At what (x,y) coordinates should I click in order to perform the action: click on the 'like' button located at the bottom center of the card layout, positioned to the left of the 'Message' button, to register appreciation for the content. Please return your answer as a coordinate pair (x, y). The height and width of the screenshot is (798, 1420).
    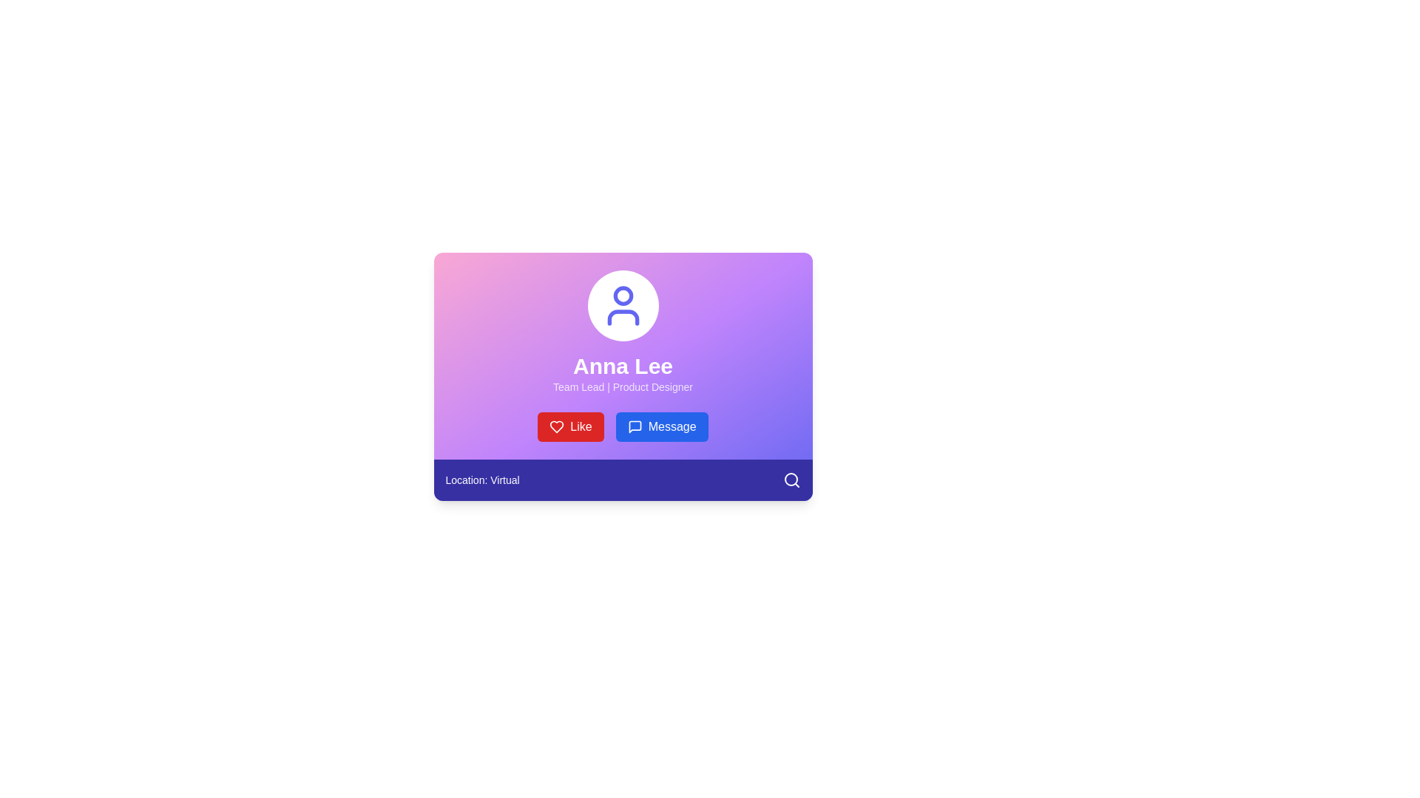
    Looking at the image, I should click on (570, 427).